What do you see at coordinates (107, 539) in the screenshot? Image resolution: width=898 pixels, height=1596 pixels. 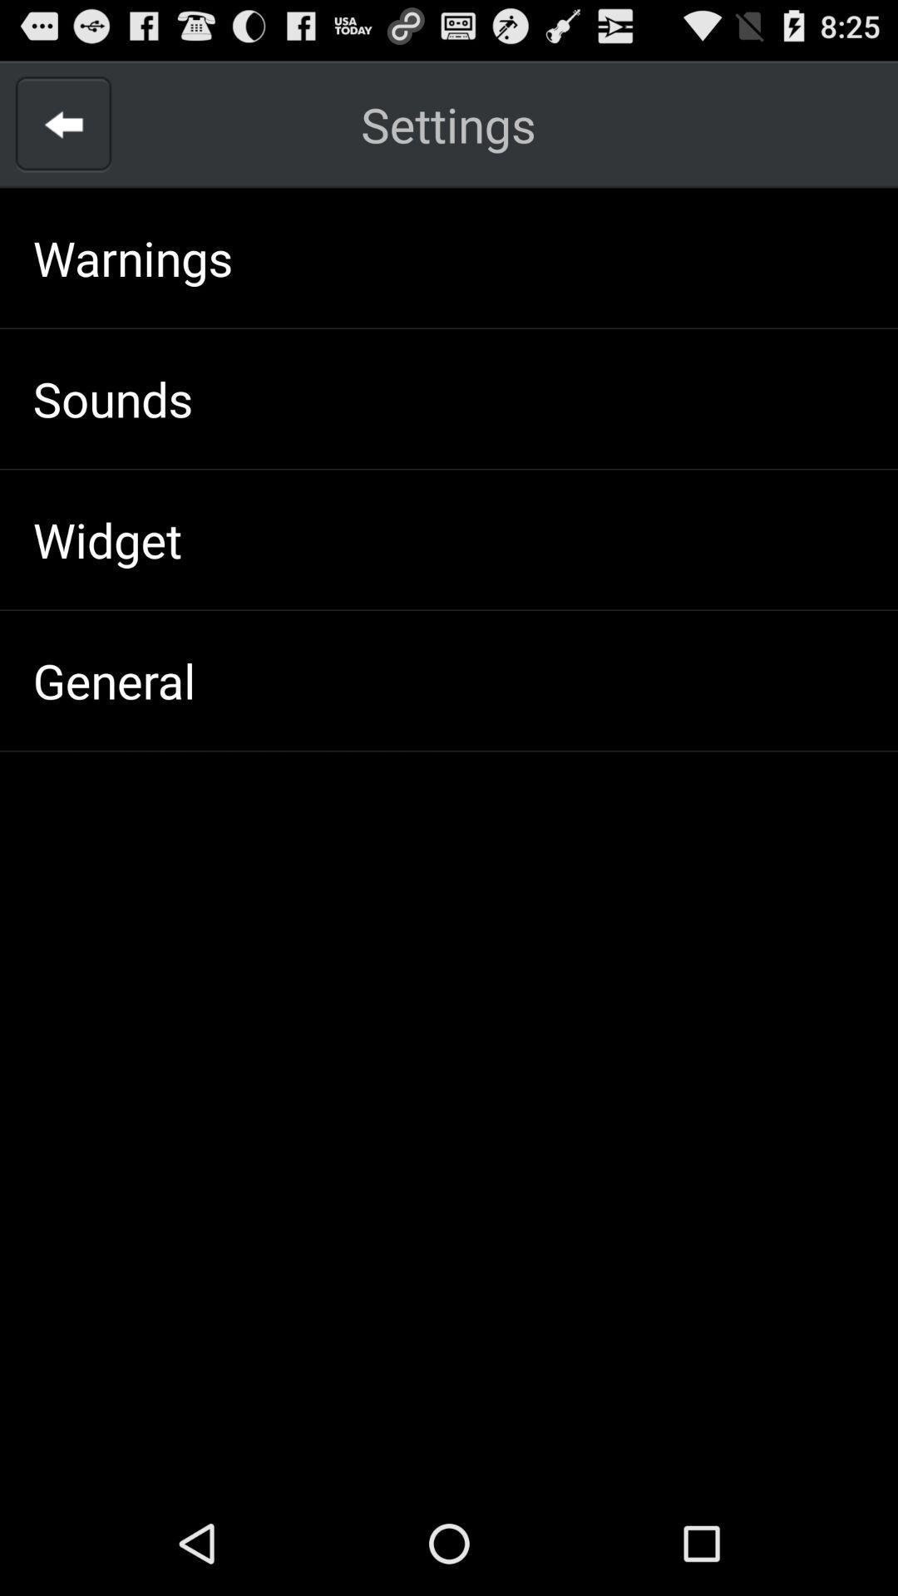 I see `widget item` at bounding box center [107, 539].